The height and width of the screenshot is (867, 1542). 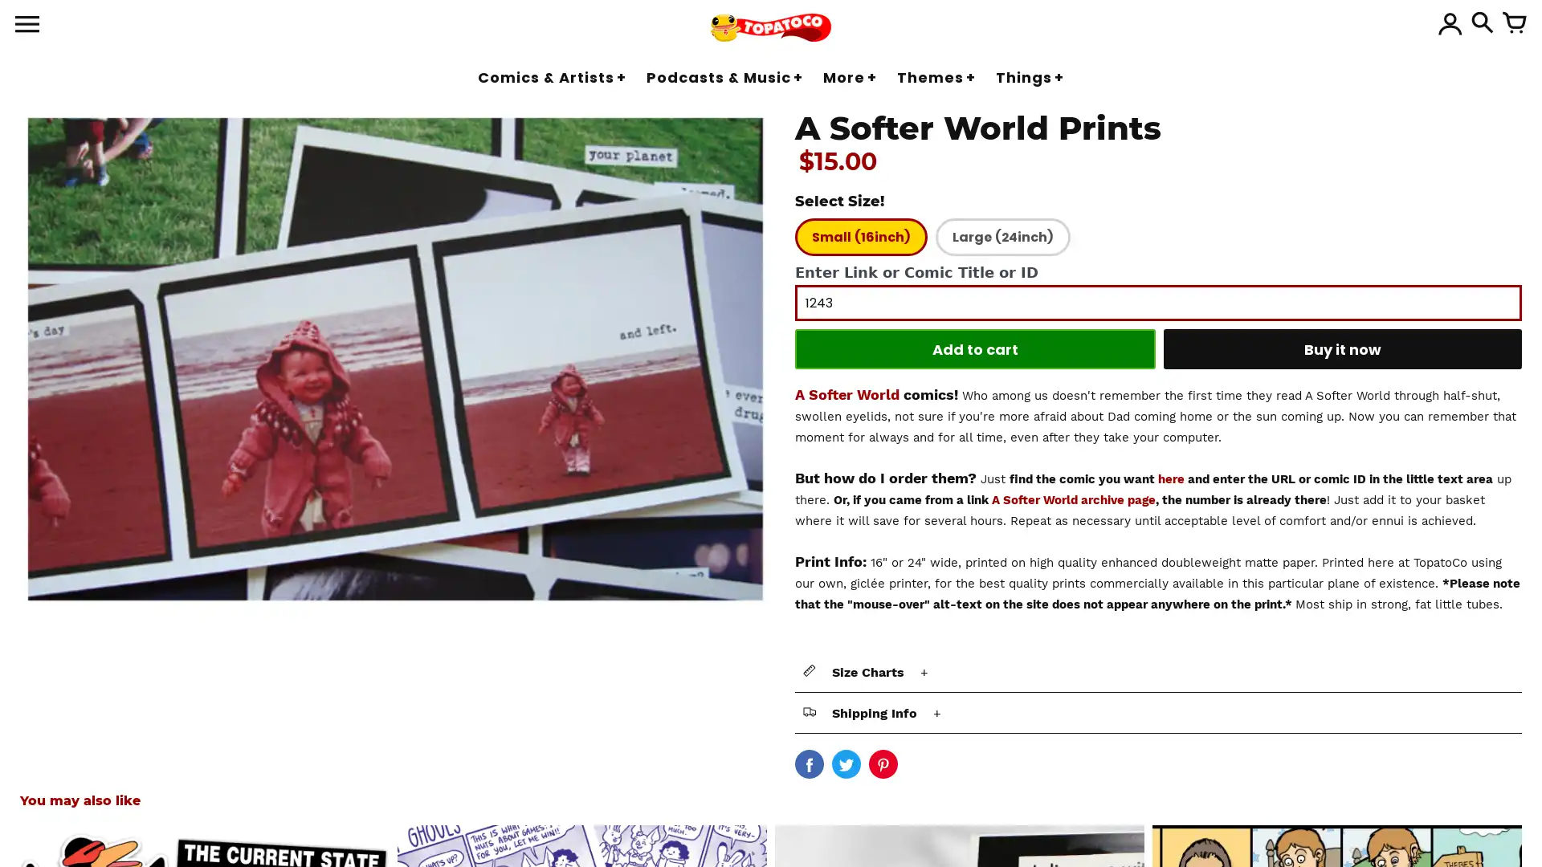 What do you see at coordinates (974, 348) in the screenshot?
I see `Add to cart` at bounding box center [974, 348].